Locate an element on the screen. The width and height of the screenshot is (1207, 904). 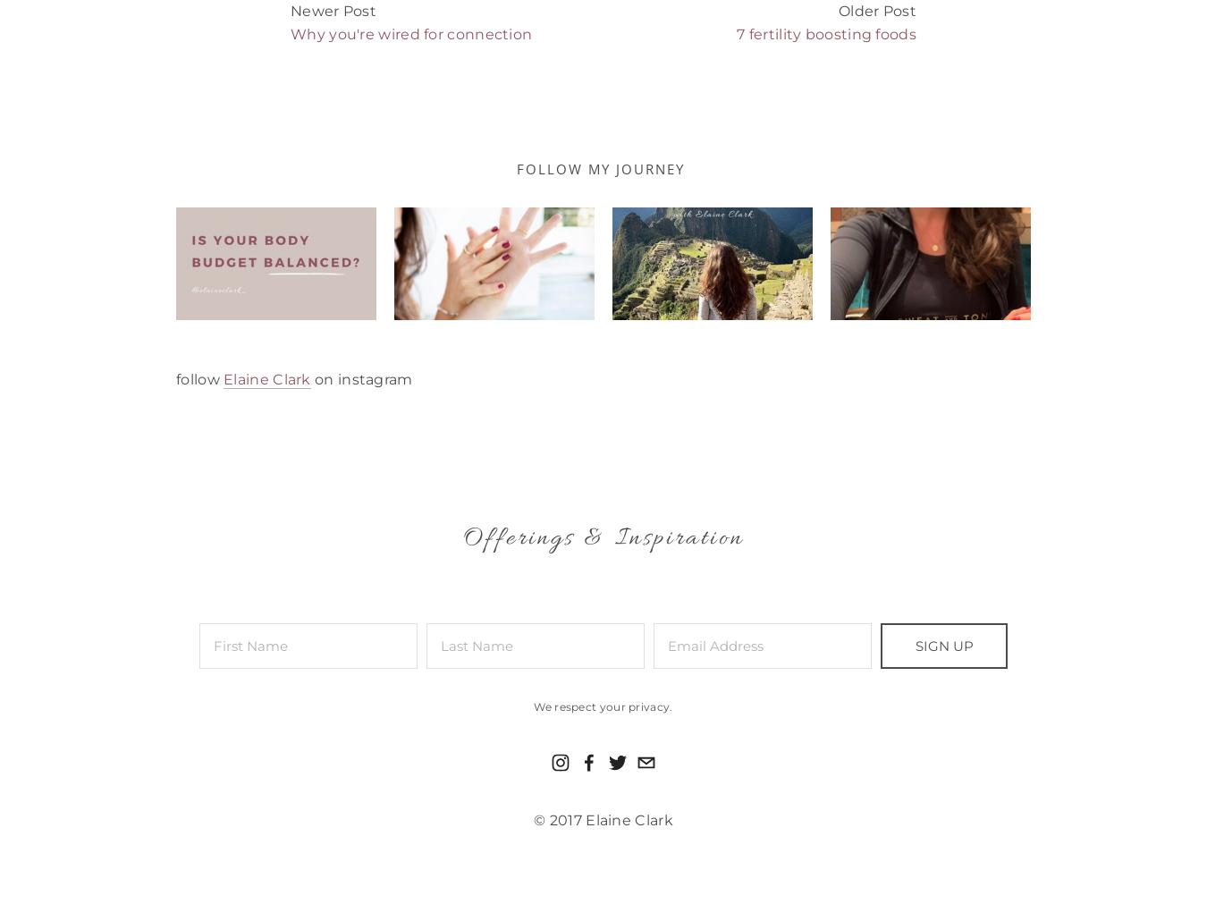
'Follow My Journey' is located at coordinates (516, 168).